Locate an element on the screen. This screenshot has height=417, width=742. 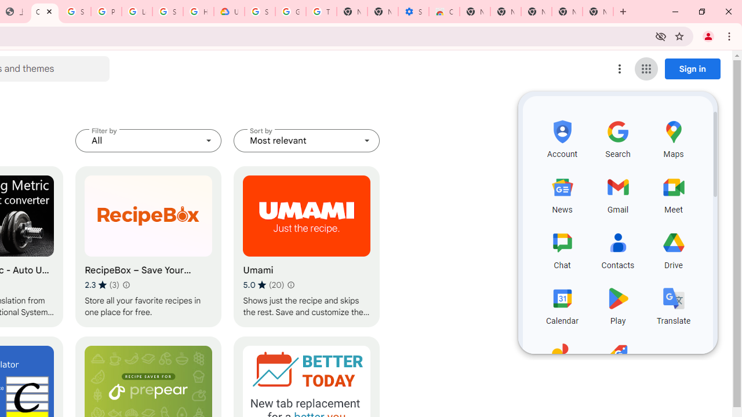
'Chrome Web Store - Household' is located at coordinates (45, 12).